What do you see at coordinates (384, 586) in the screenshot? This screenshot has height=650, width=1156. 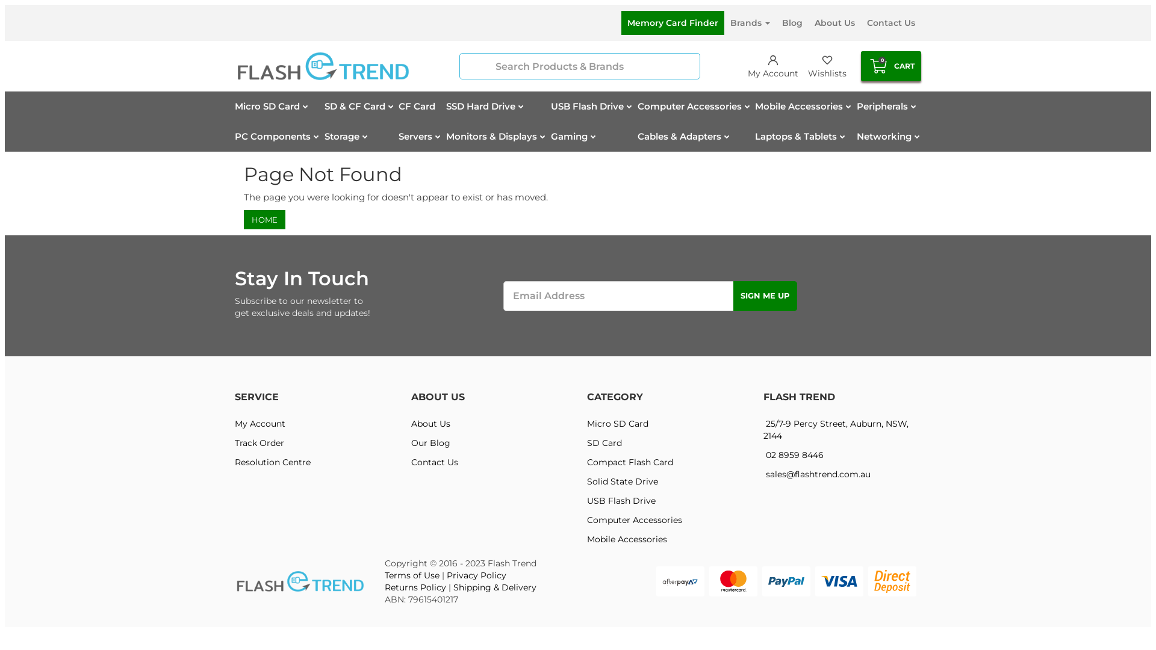 I see `'Returns Policy'` at bounding box center [384, 586].